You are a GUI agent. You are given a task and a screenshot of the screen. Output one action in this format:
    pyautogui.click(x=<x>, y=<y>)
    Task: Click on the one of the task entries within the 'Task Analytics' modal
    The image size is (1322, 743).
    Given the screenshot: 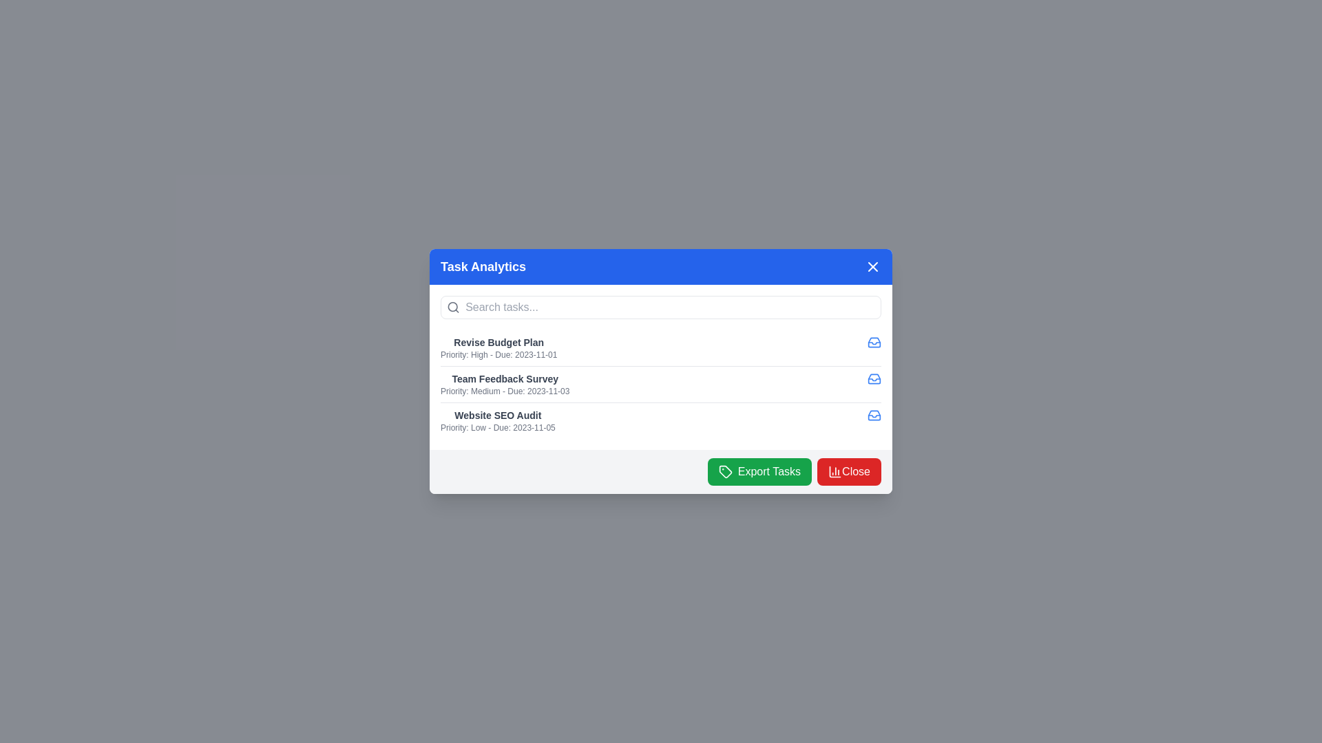 What is the action you would take?
    pyautogui.click(x=661, y=371)
    